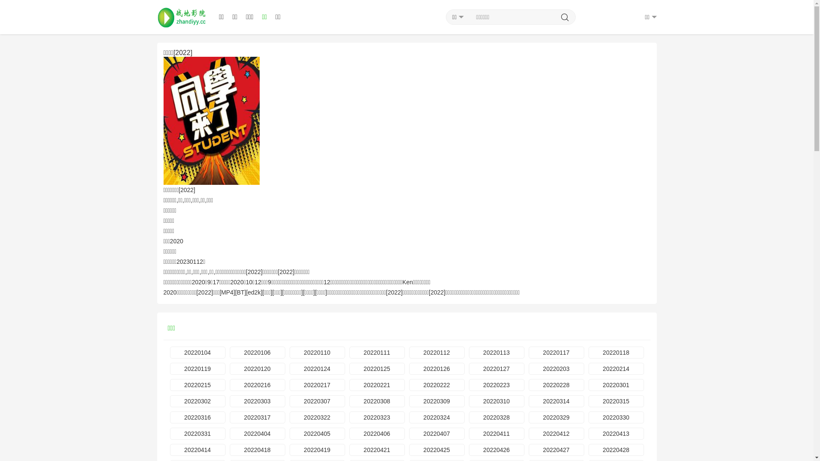 The height and width of the screenshot is (461, 820). I want to click on '20220127', so click(496, 368).